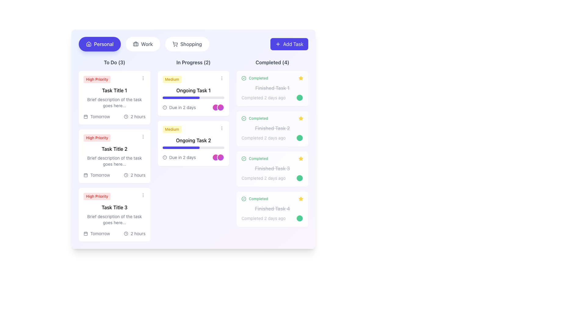 This screenshot has height=329, width=586. I want to click on the SVG circle element that serves as a decorative or symbolic part of the icon indicating the state or priority of the second task card titled 'Ongoing Task 2' in the 'In Progress' column, so click(165, 157).